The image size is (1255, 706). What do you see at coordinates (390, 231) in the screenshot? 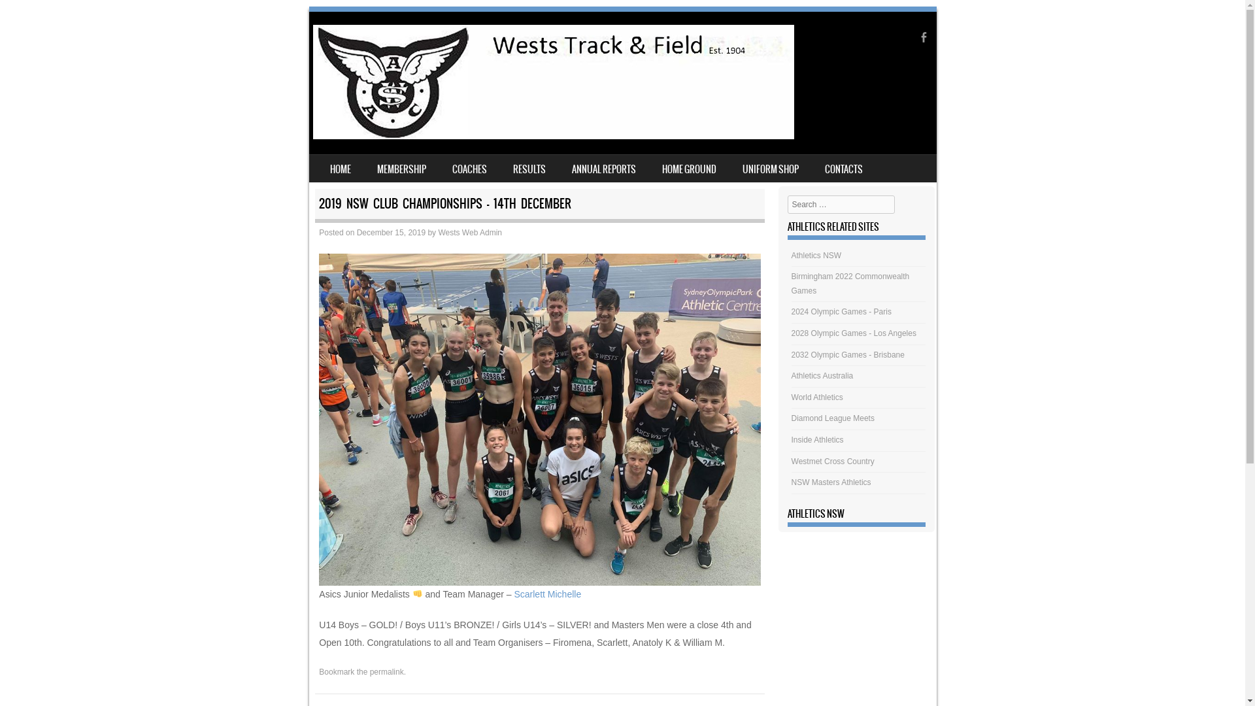
I see `'December 15, 2019'` at bounding box center [390, 231].